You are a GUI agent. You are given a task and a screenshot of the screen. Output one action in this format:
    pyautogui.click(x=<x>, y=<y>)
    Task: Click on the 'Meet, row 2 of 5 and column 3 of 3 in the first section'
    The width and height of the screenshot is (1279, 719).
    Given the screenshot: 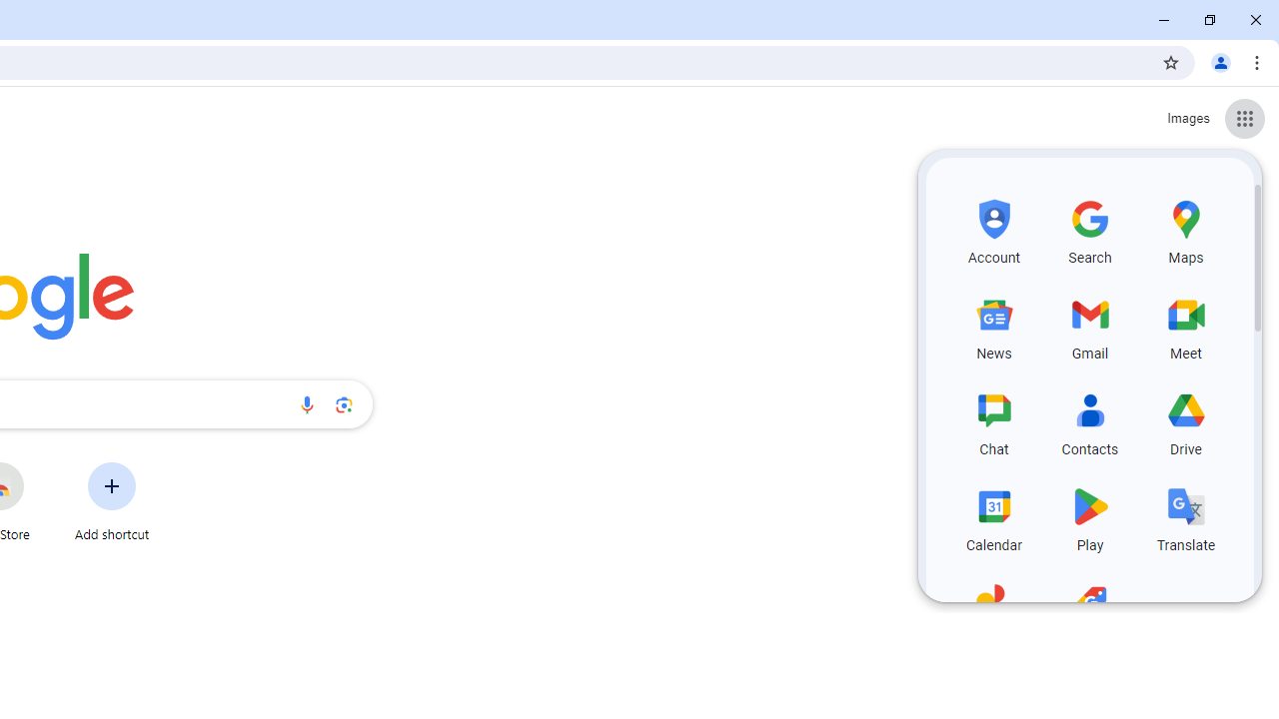 What is the action you would take?
    pyautogui.click(x=1186, y=324)
    